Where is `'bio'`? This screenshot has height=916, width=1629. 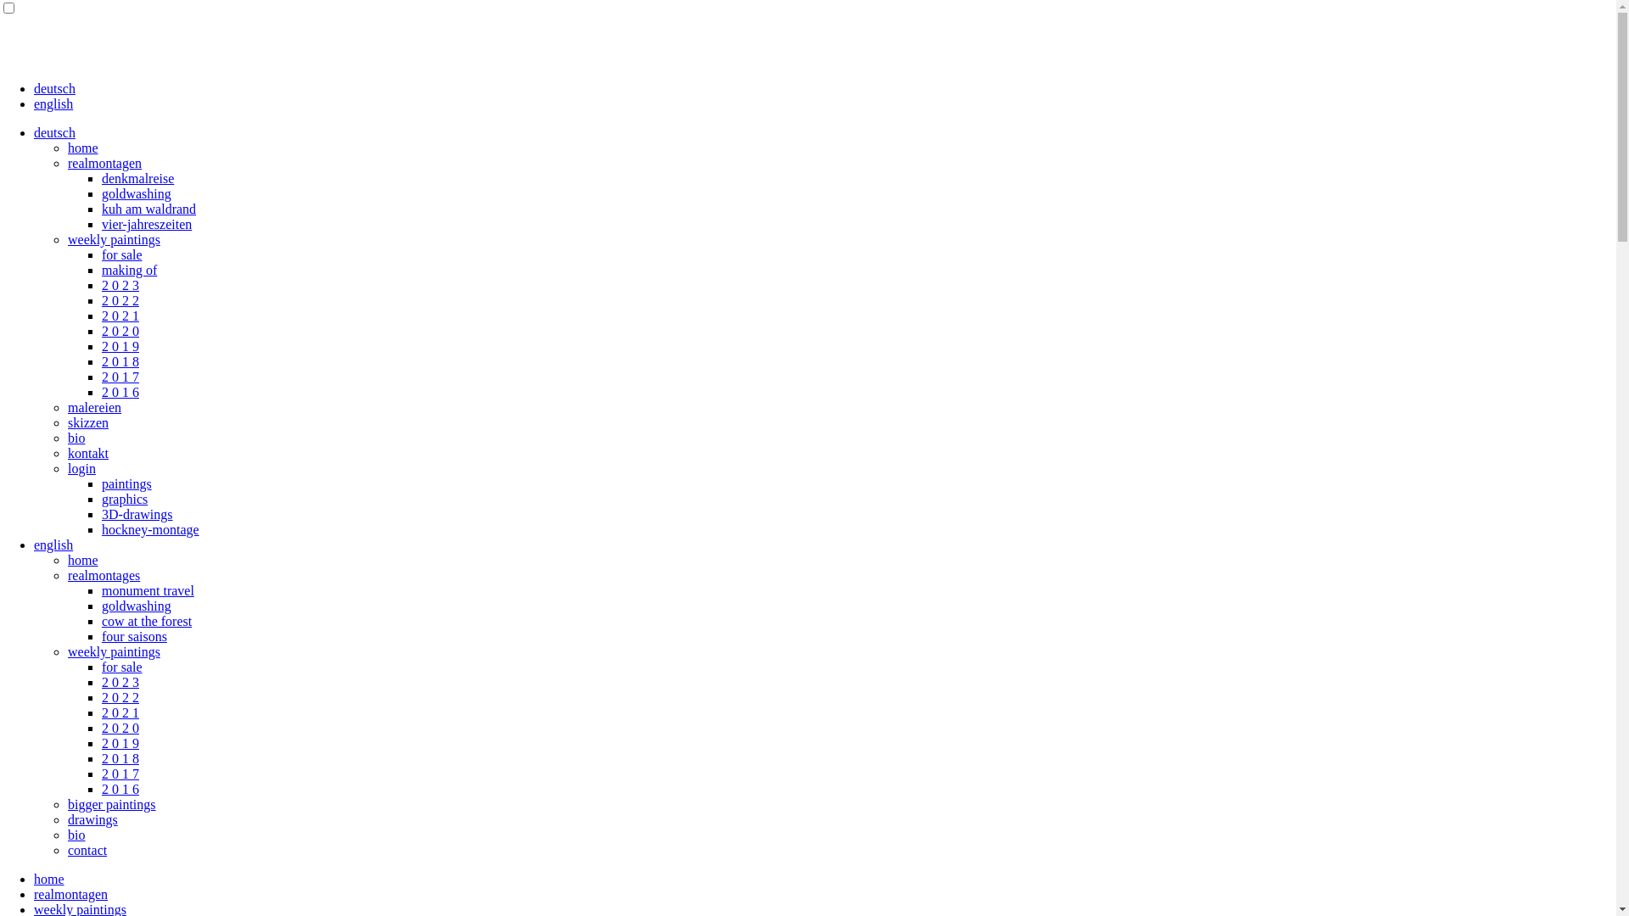 'bio' is located at coordinates (76, 437).